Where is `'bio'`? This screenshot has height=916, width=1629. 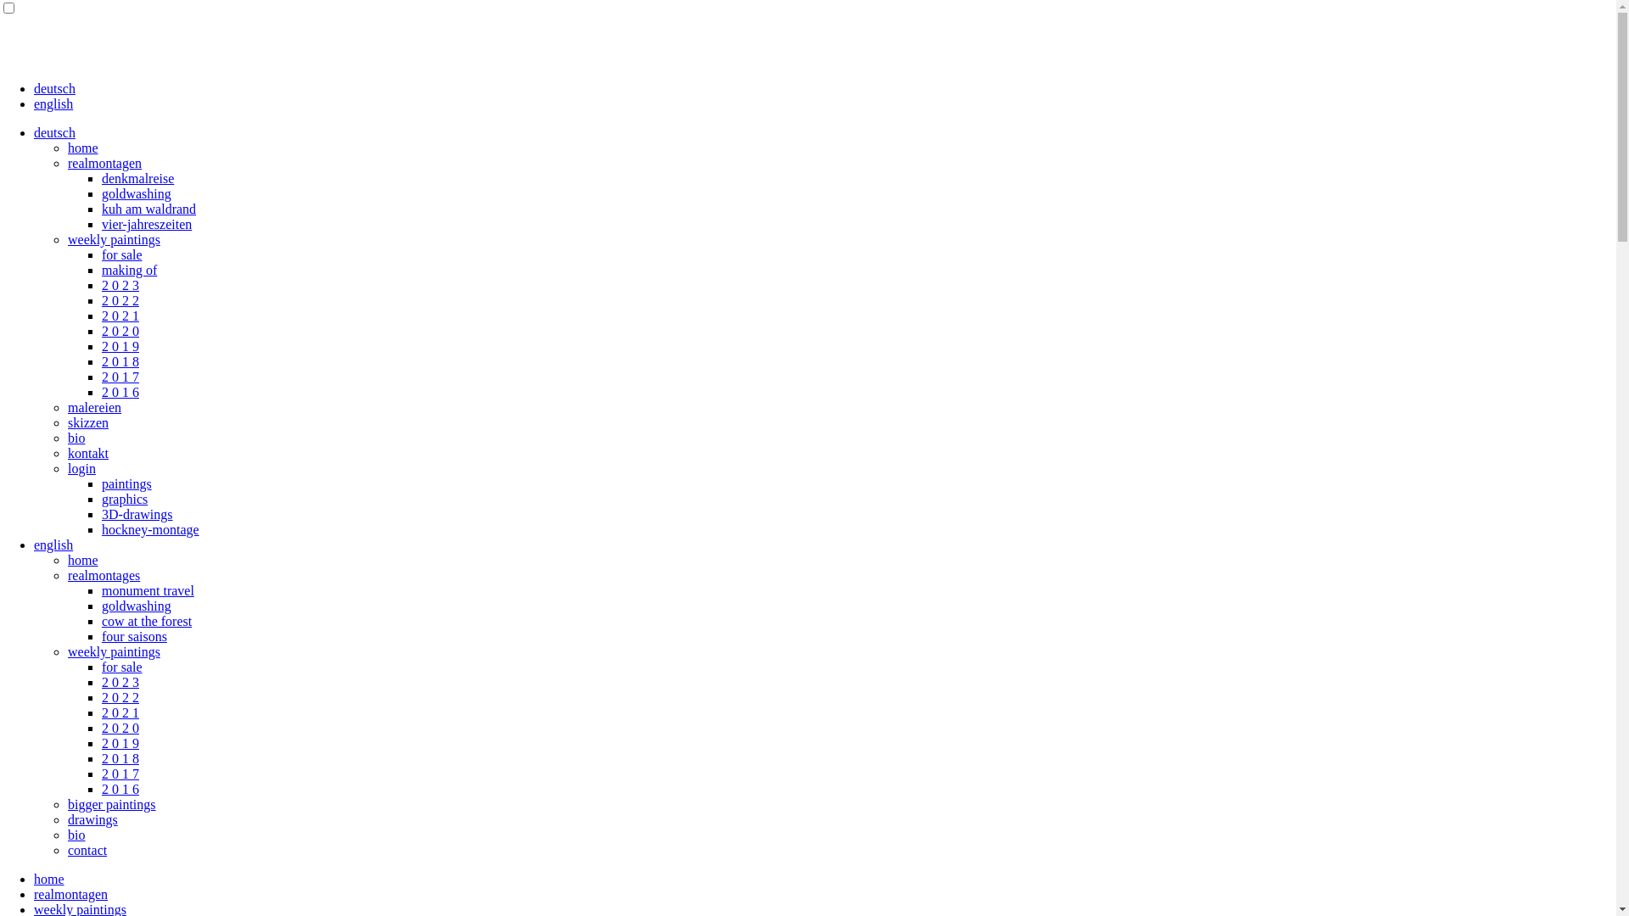 'bio' is located at coordinates (76, 437).